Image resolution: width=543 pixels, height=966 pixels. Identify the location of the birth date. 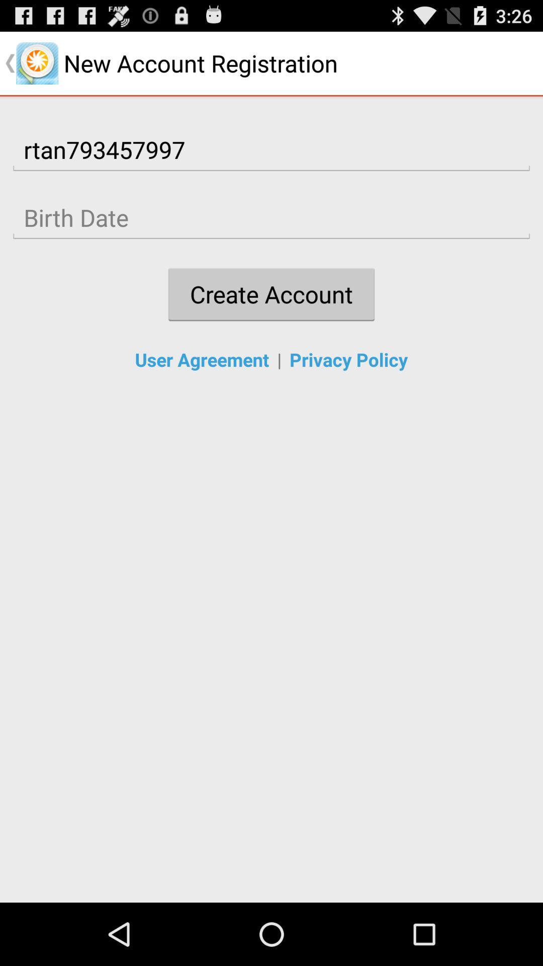
(271, 217).